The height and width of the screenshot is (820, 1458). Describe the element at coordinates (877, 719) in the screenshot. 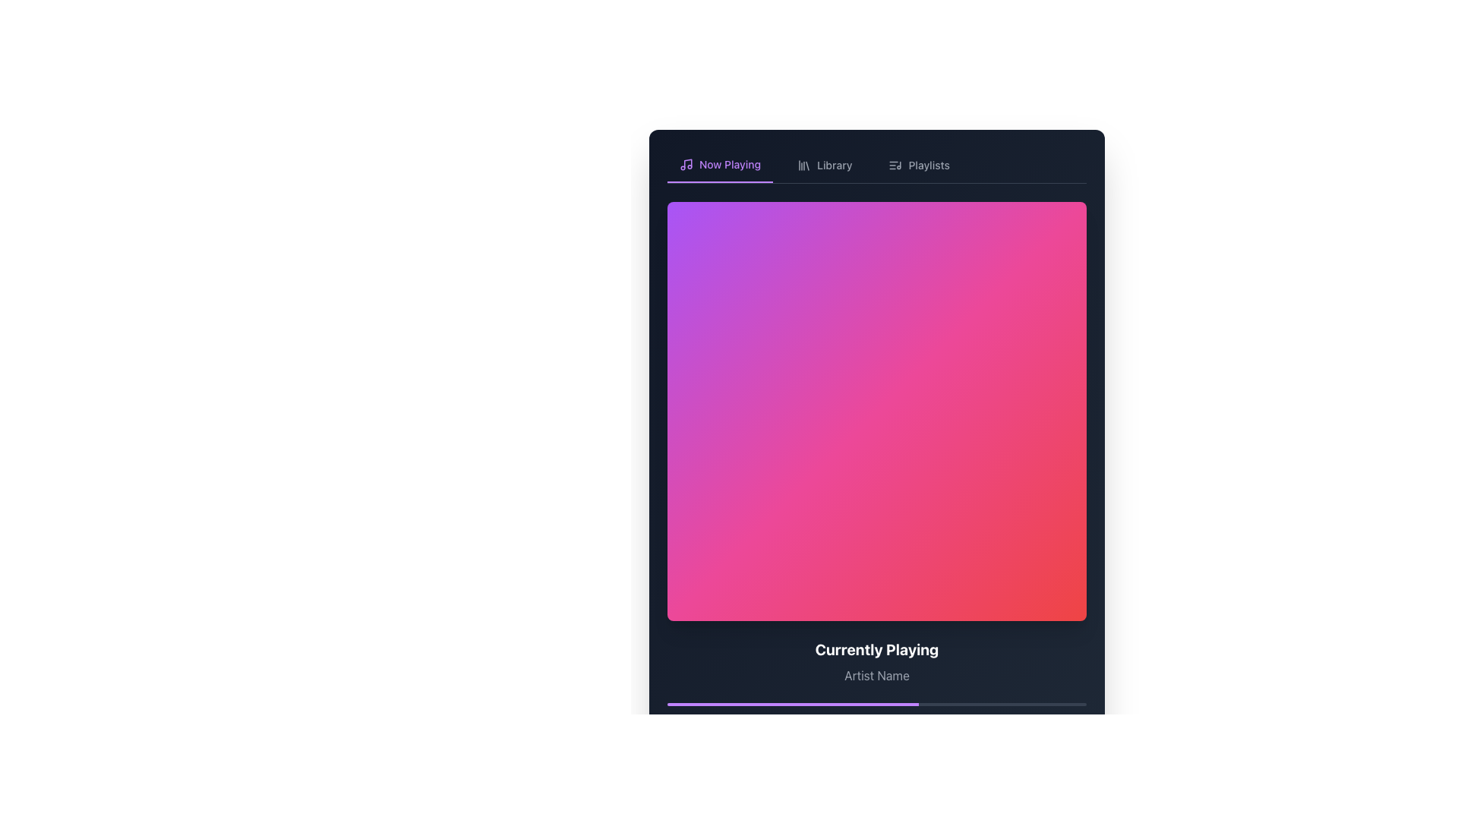

I see `the Text label displaying the current time and total duration, located beneath the progress bar in the 'Currently Playing' section` at that location.